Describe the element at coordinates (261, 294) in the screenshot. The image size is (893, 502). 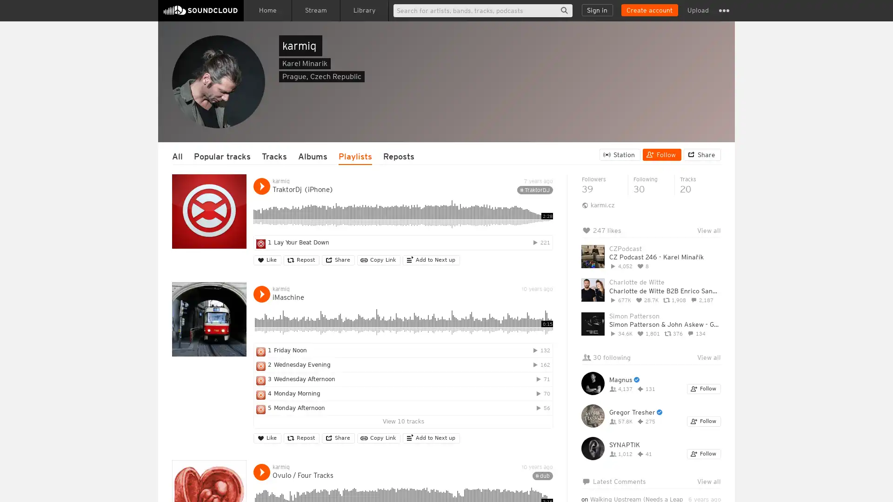
I see `Play` at that location.